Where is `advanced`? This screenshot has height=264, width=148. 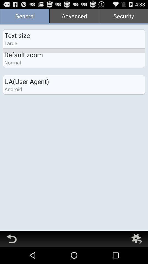 advanced is located at coordinates (74, 16).